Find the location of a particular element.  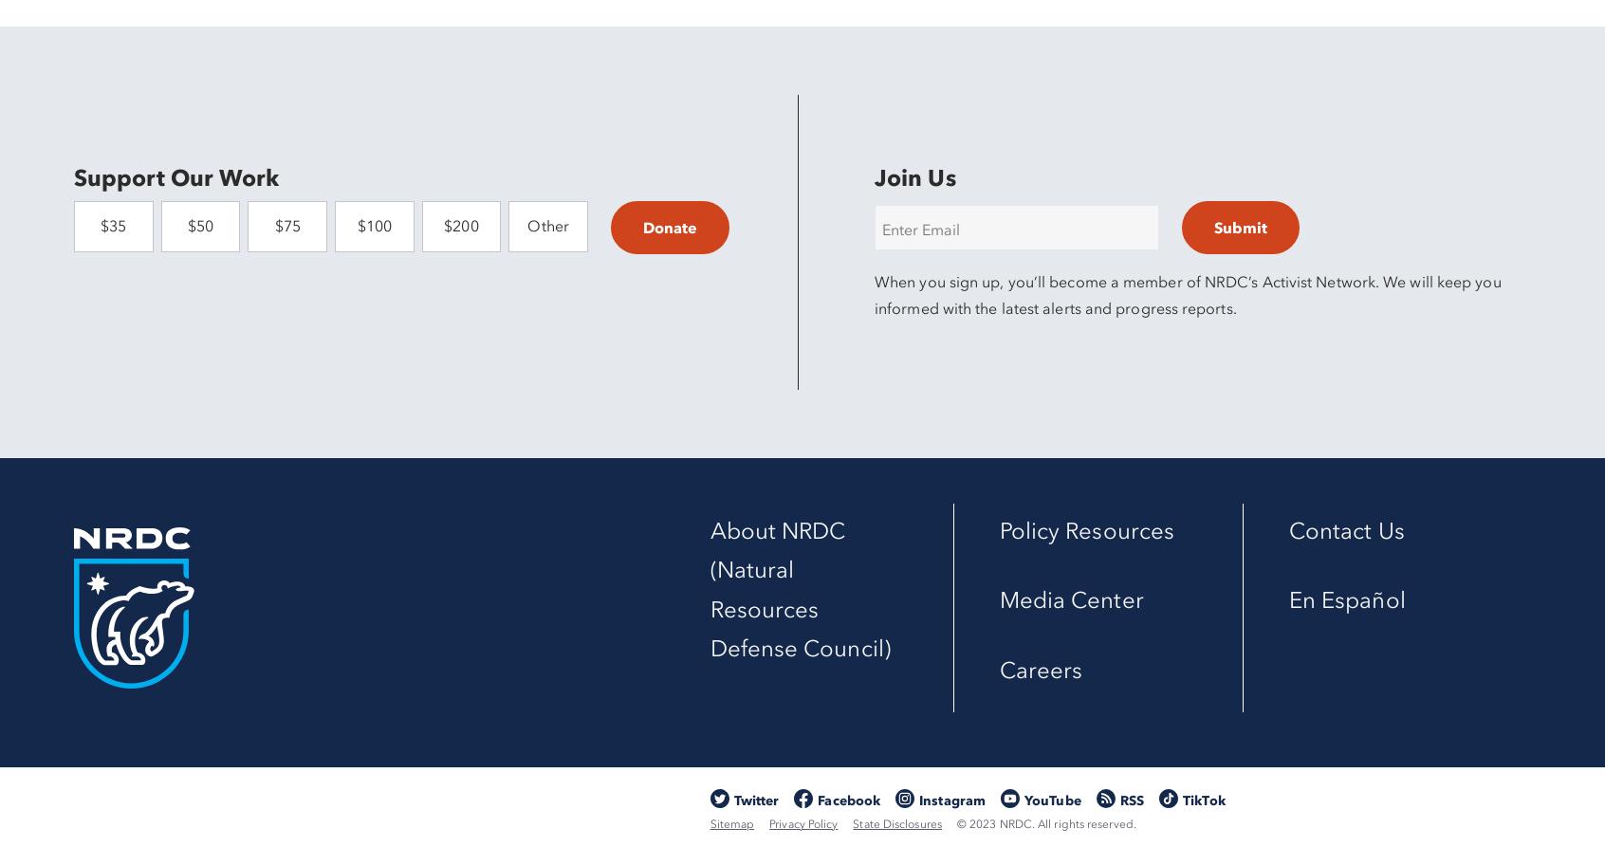

'$200' is located at coordinates (459, 226).